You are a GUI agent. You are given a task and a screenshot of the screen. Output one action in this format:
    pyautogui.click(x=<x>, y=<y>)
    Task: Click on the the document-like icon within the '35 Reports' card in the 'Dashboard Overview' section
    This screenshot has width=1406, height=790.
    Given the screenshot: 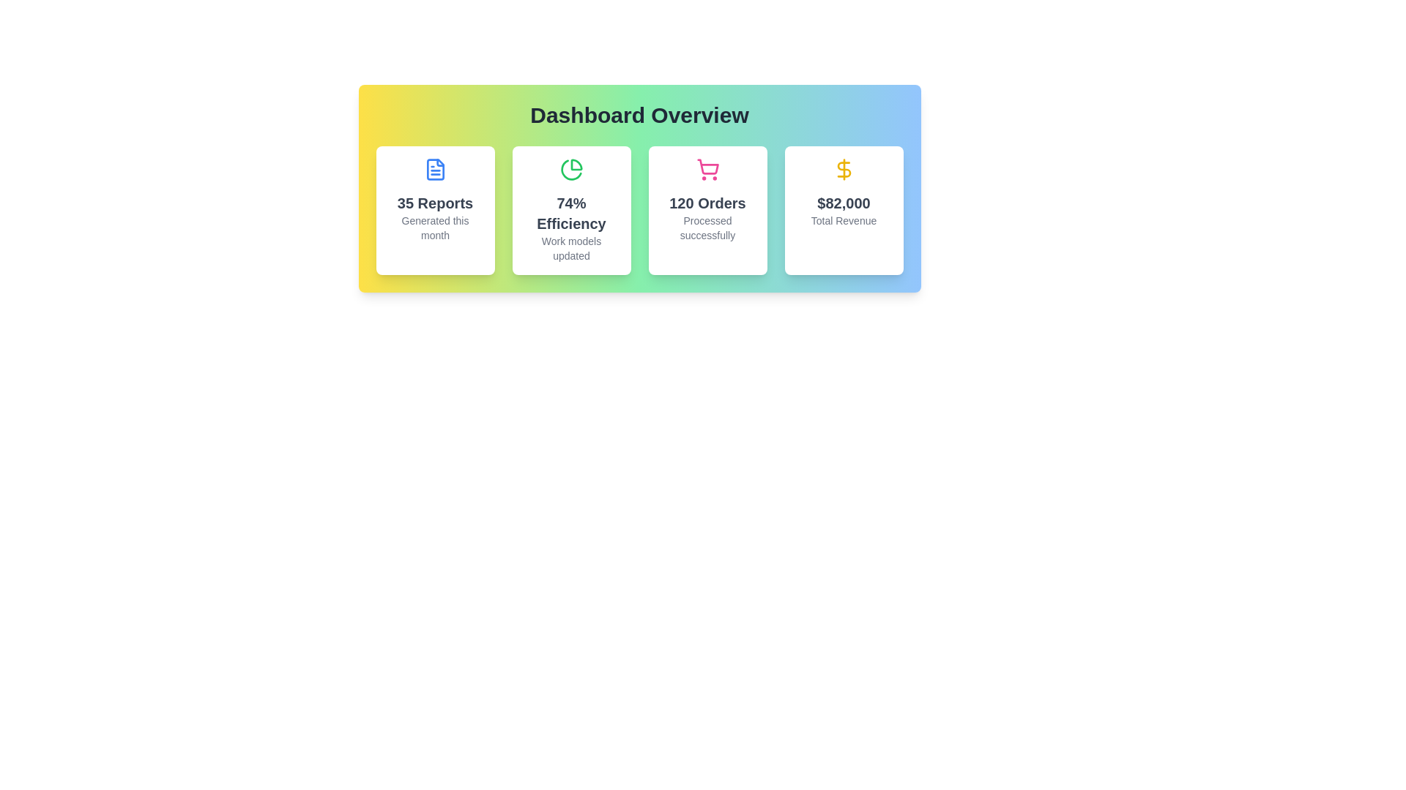 What is the action you would take?
    pyautogui.click(x=434, y=168)
    